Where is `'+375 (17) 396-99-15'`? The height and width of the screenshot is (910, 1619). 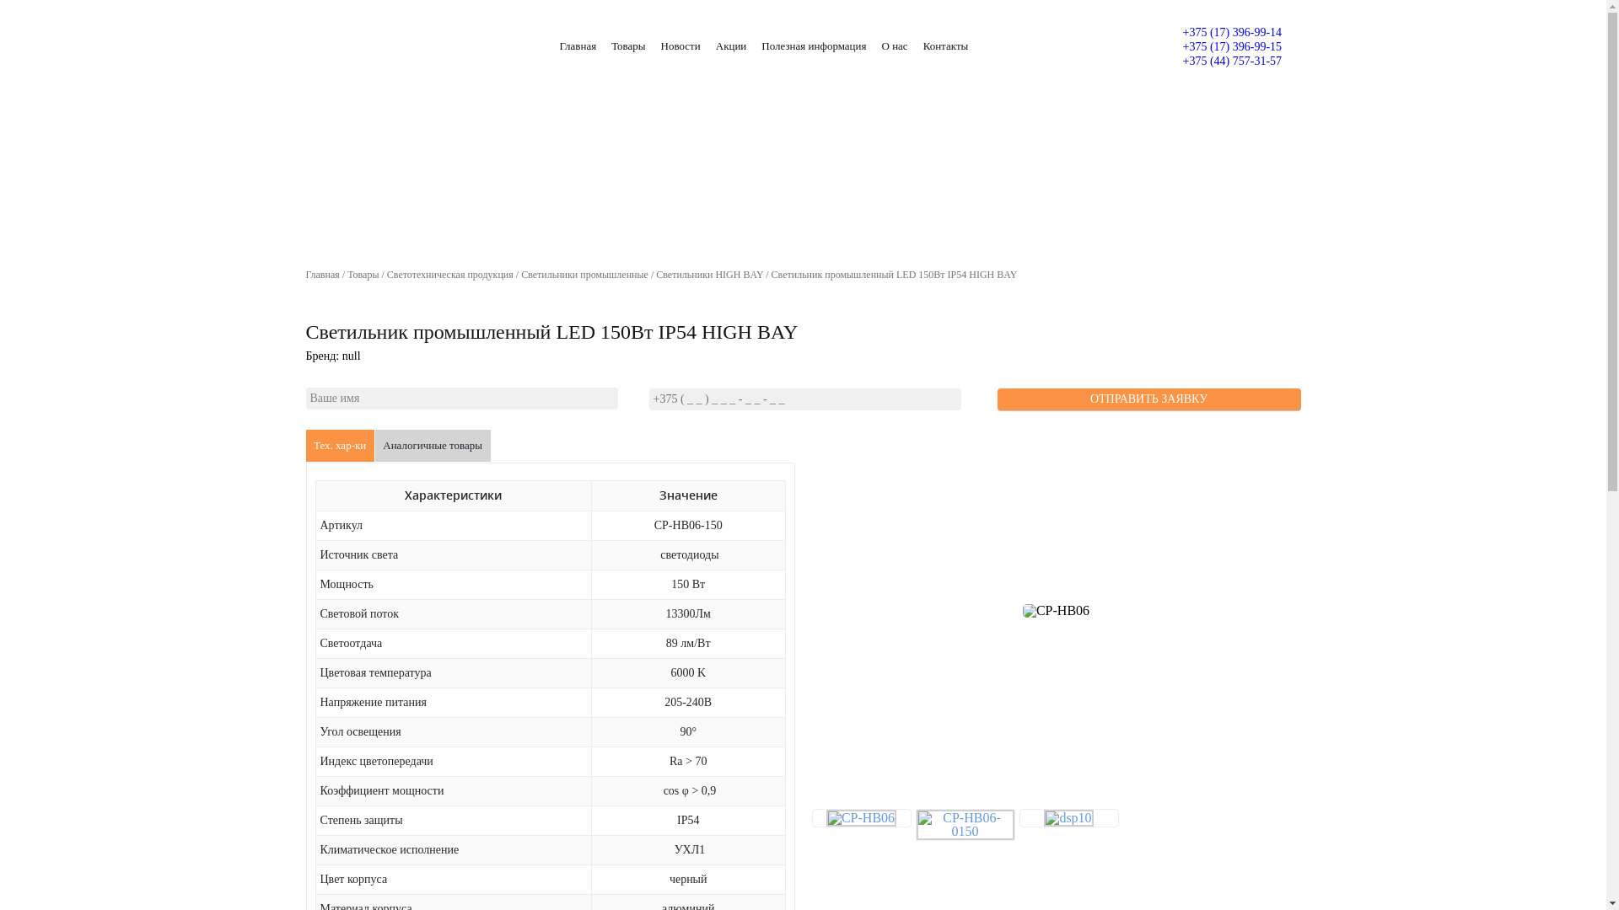 '+375 (17) 396-99-15' is located at coordinates (1231, 45).